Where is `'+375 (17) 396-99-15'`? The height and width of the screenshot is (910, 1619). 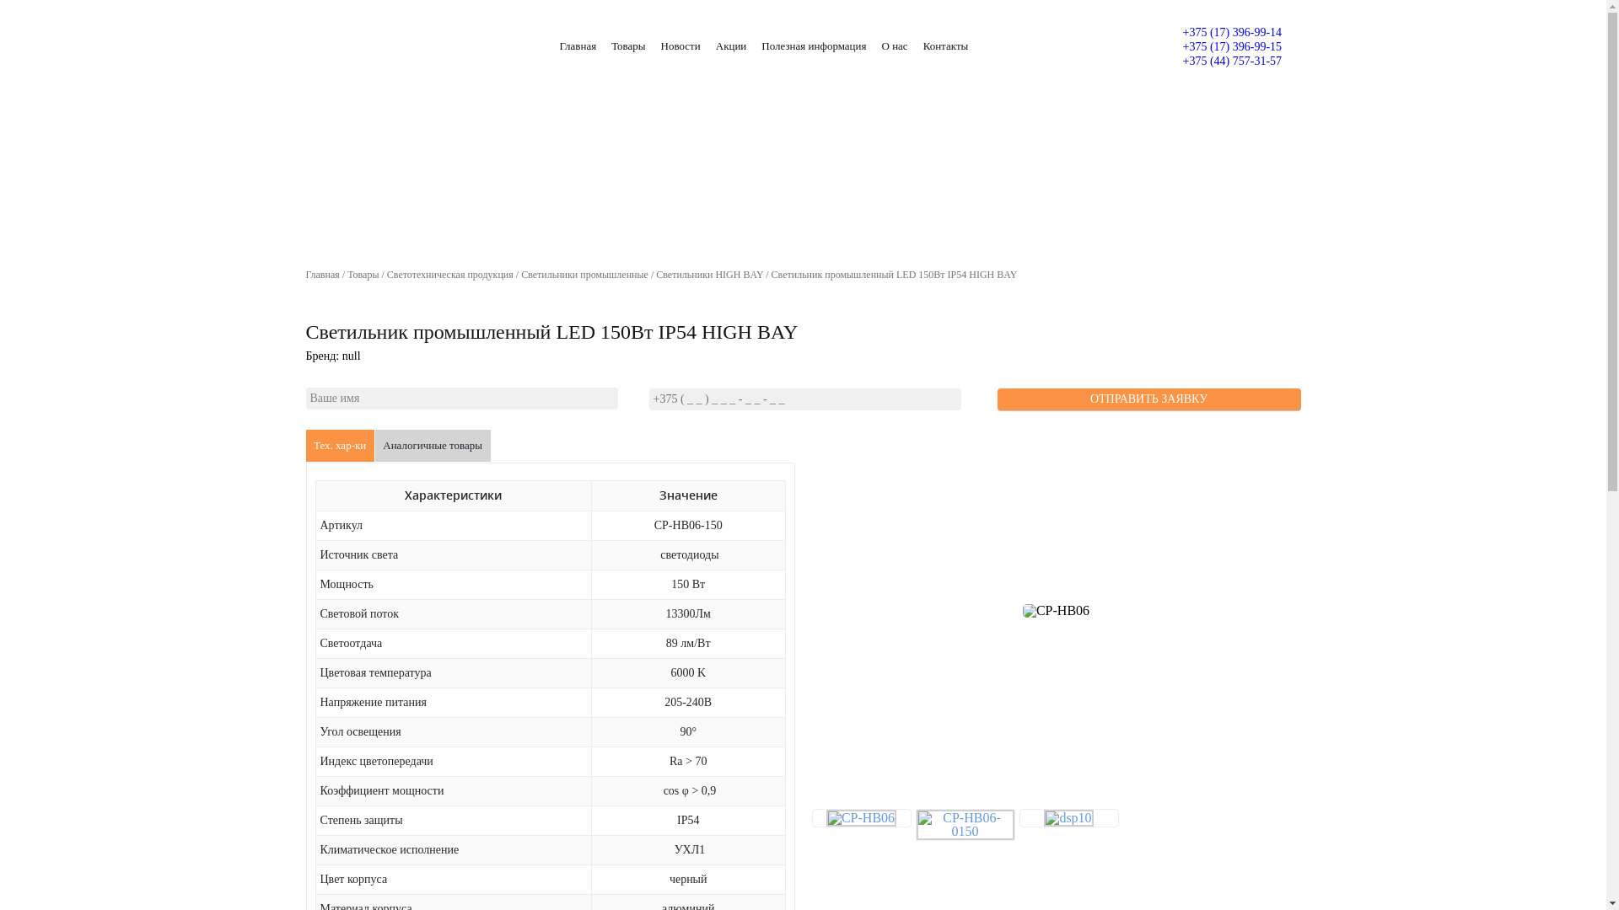 '+375 (17) 396-99-15' is located at coordinates (1231, 45).